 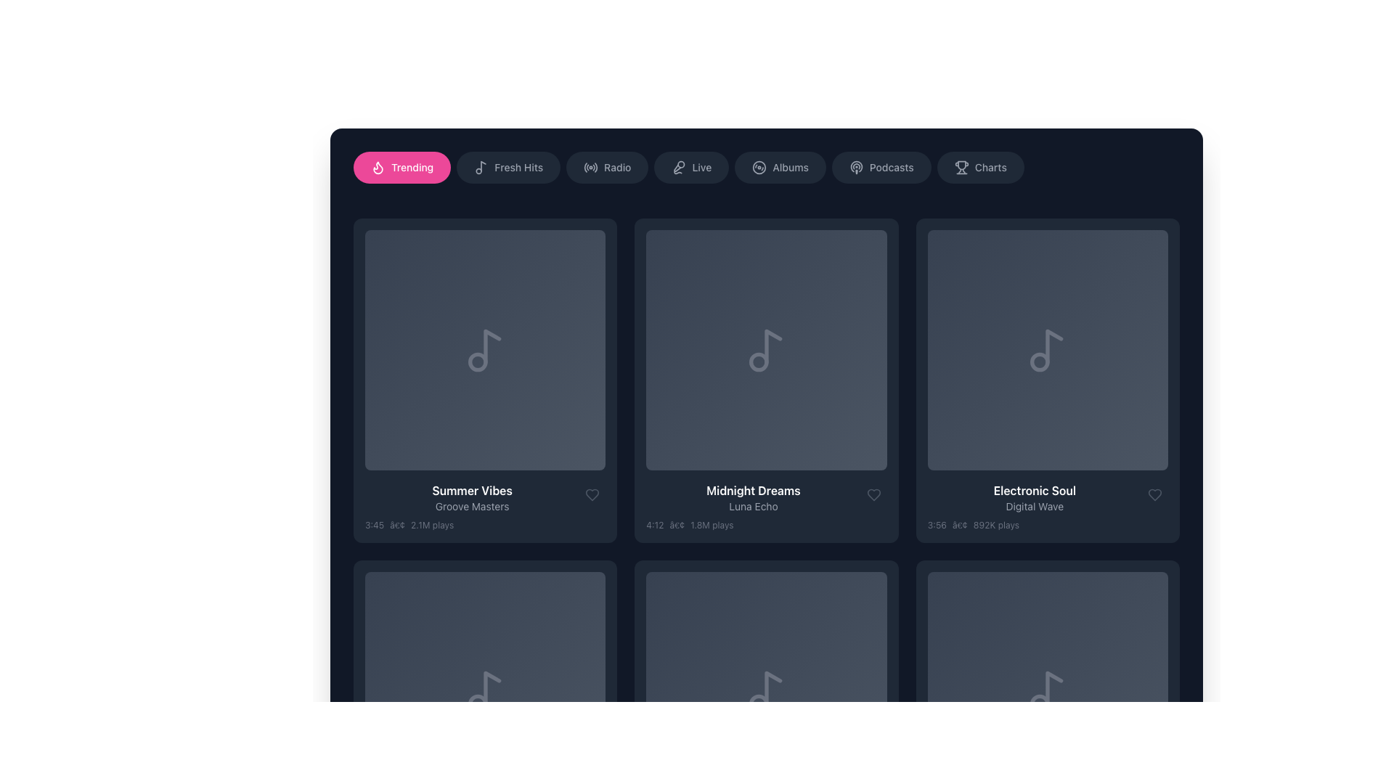 What do you see at coordinates (766, 350) in the screenshot?
I see `the music-themed icon located centrally in the second column of the top row of a grid layout, which is visually represented against a dark background` at bounding box center [766, 350].